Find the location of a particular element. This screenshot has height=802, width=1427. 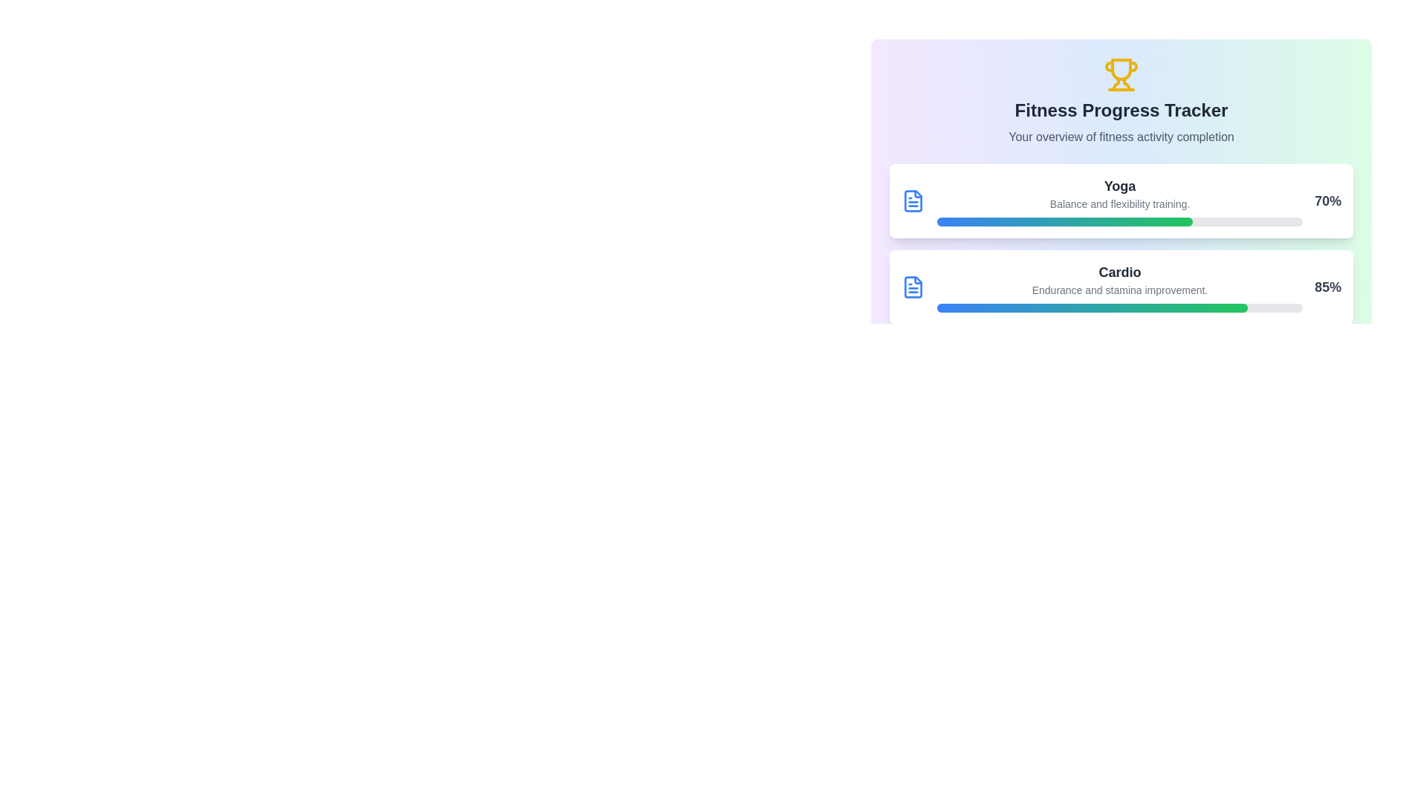

the 'add' icon functionality associated with the 'Add New Activity' button, located towards the right-center of the button is located at coordinates (1070, 443).